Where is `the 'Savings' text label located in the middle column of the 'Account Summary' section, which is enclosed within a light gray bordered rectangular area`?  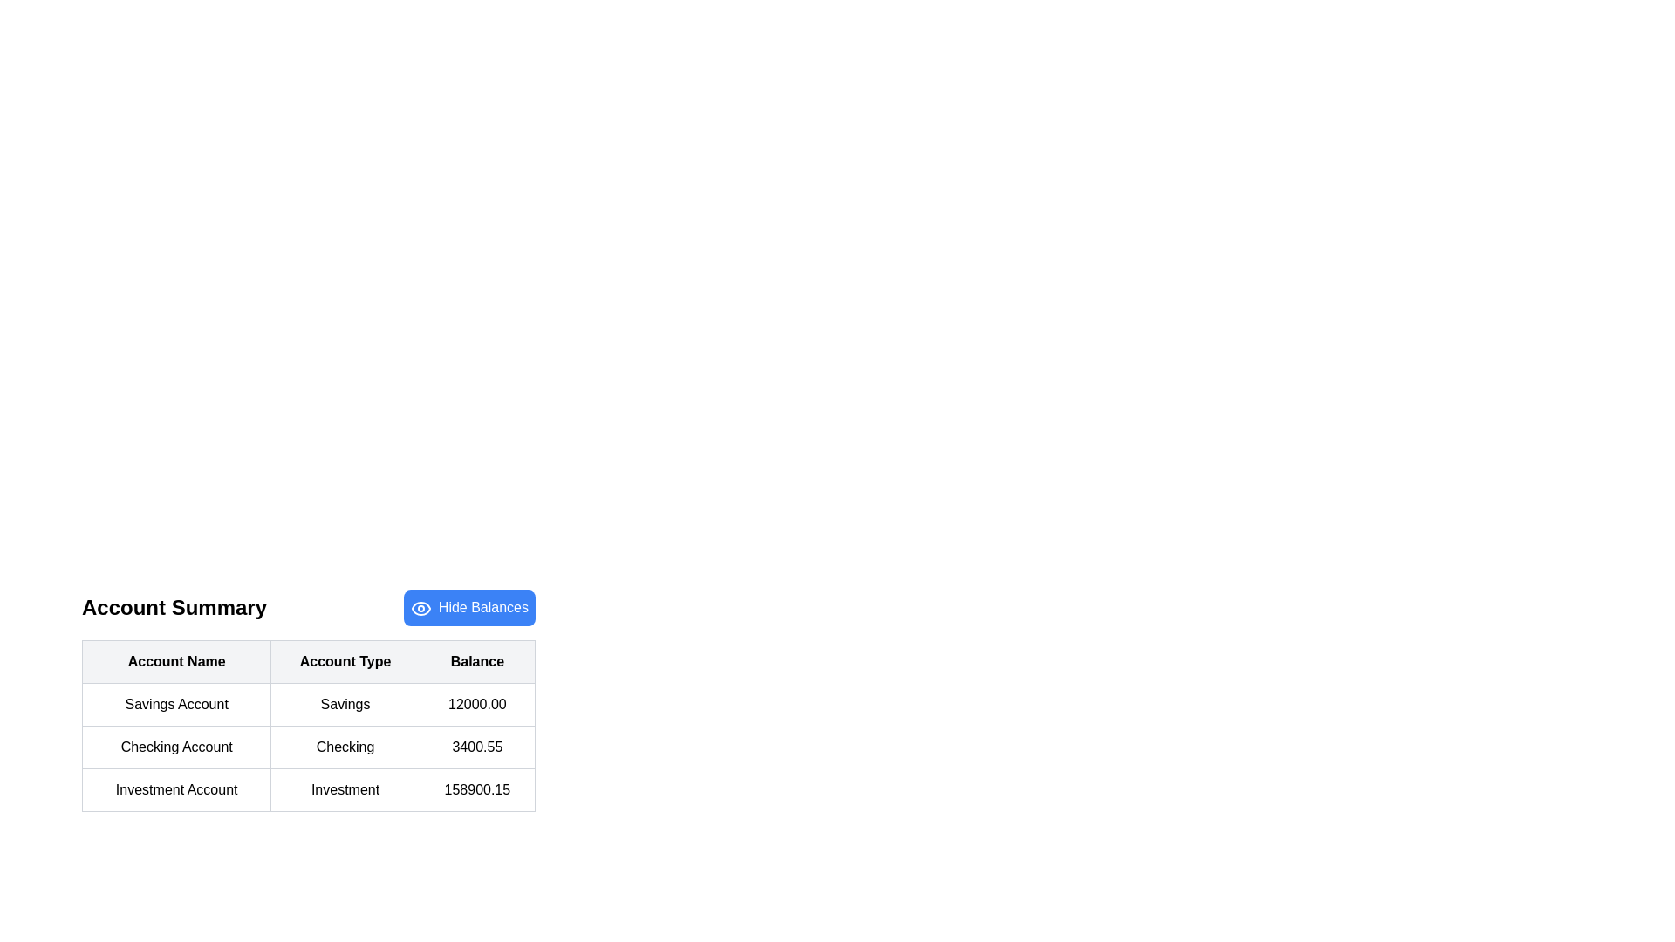 the 'Savings' text label located in the middle column of the 'Account Summary' section, which is enclosed within a light gray bordered rectangular area is located at coordinates (345, 703).